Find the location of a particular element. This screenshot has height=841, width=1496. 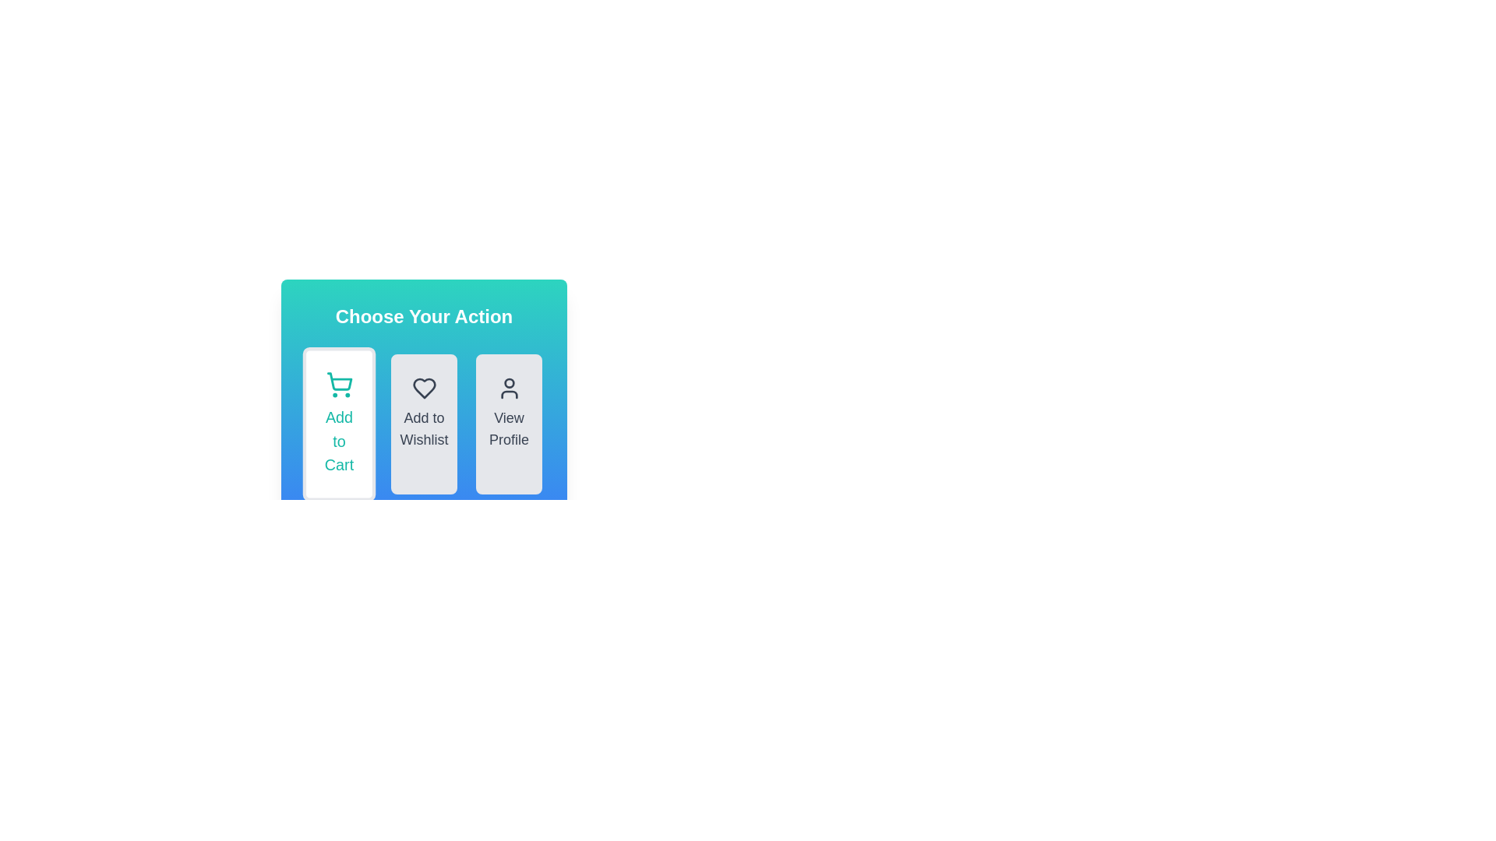

the 'Add to Cart' button, which has a white background, teal border, a shopping cart icon, and teal text is located at coordinates (338, 424).